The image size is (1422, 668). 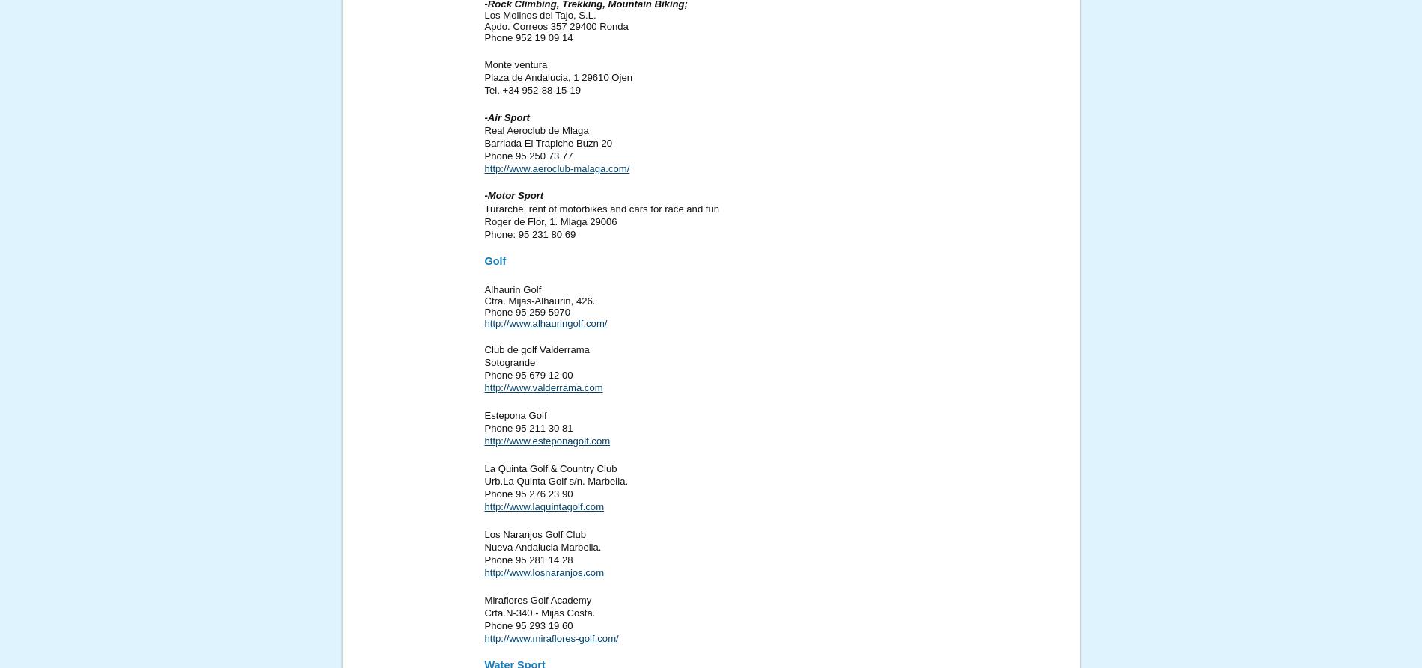 What do you see at coordinates (539, 300) in the screenshot?
I see `'Ctra. Mijas-Alhaurin, 426.'` at bounding box center [539, 300].